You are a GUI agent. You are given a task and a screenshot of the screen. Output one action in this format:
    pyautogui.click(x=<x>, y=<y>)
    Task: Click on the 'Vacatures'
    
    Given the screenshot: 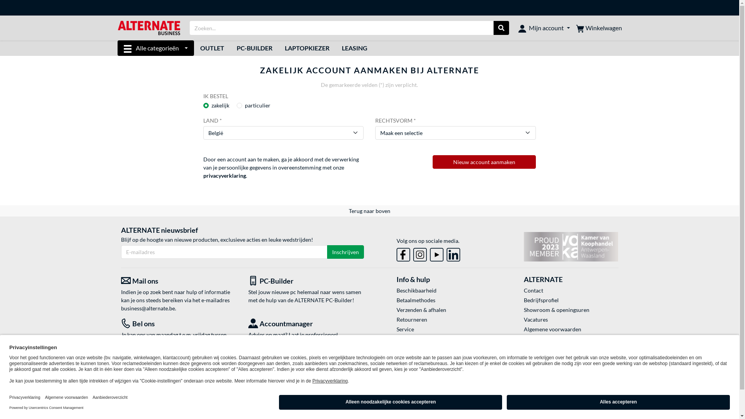 What is the action you would take?
    pyautogui.click(x=523, y=319)
    